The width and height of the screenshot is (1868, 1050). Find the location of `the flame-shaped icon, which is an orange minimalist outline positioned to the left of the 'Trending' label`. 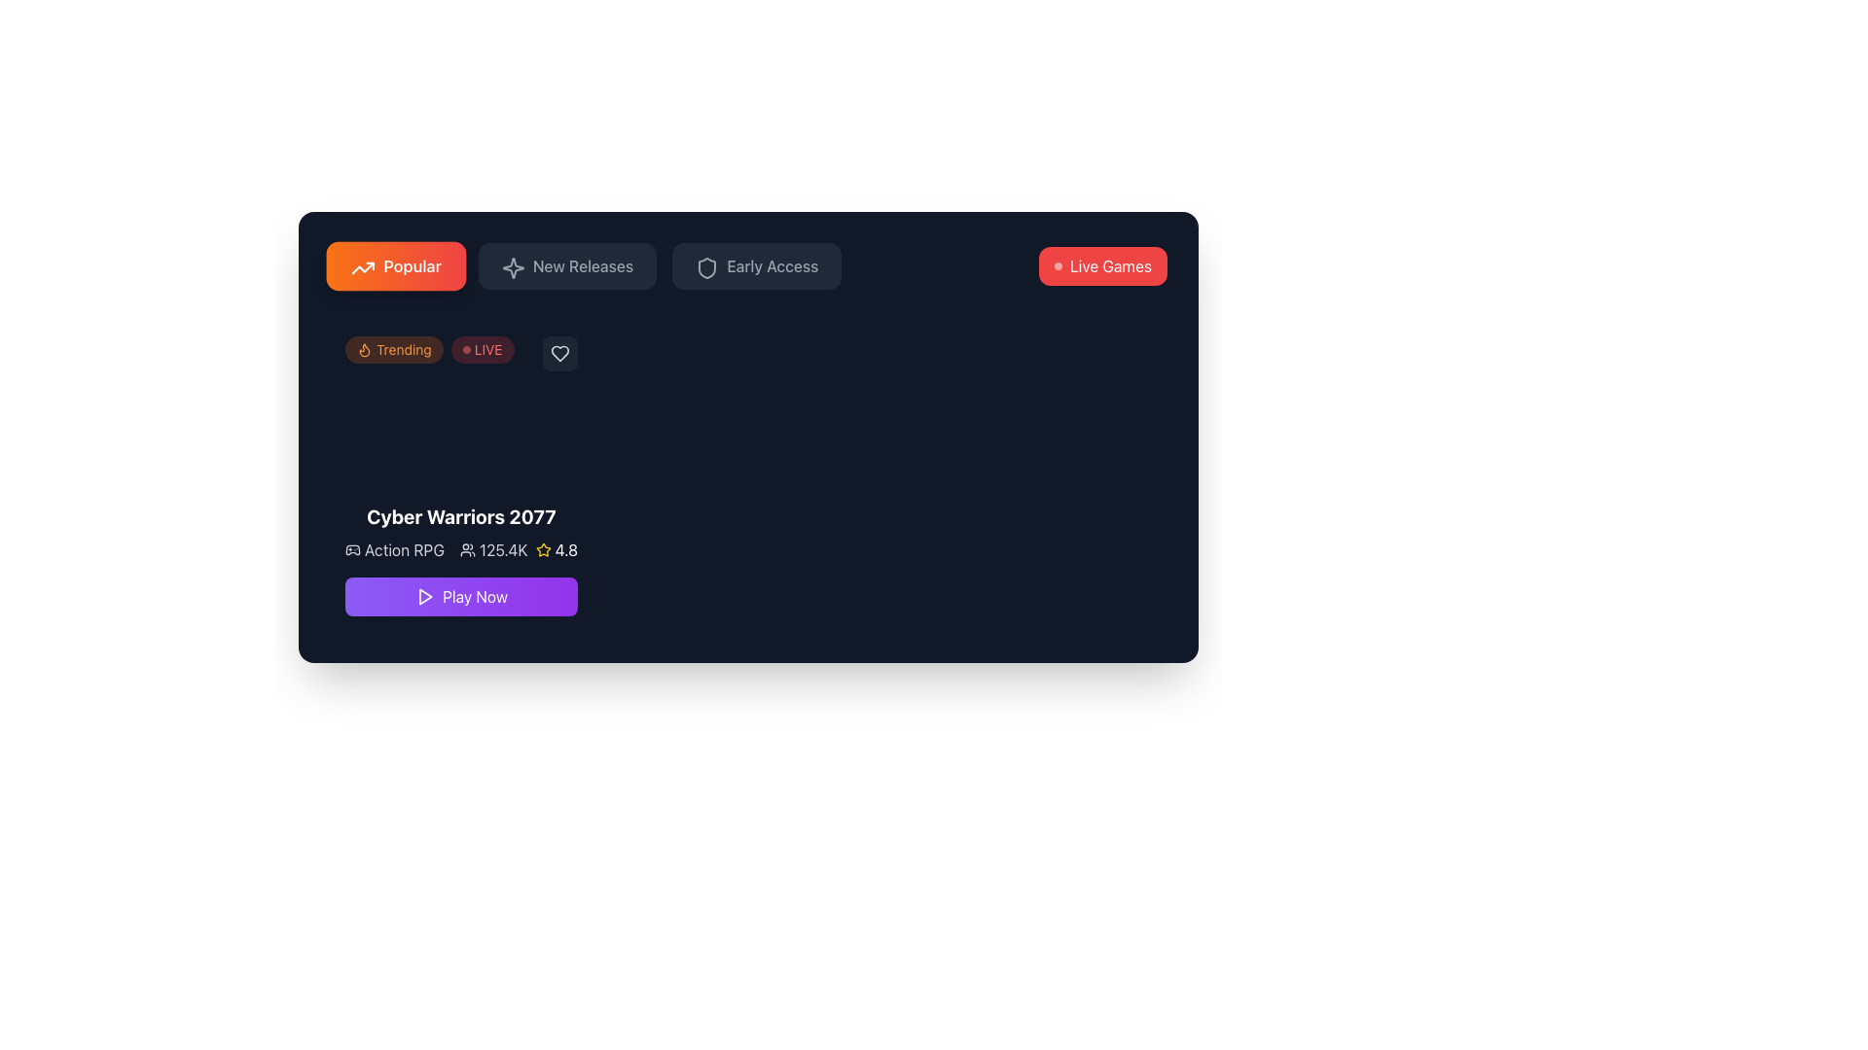

the flame-shaped icon, which is an orange minimalist outline positioned to the left of the 'Trending' label is located at coordinates (364, 348).